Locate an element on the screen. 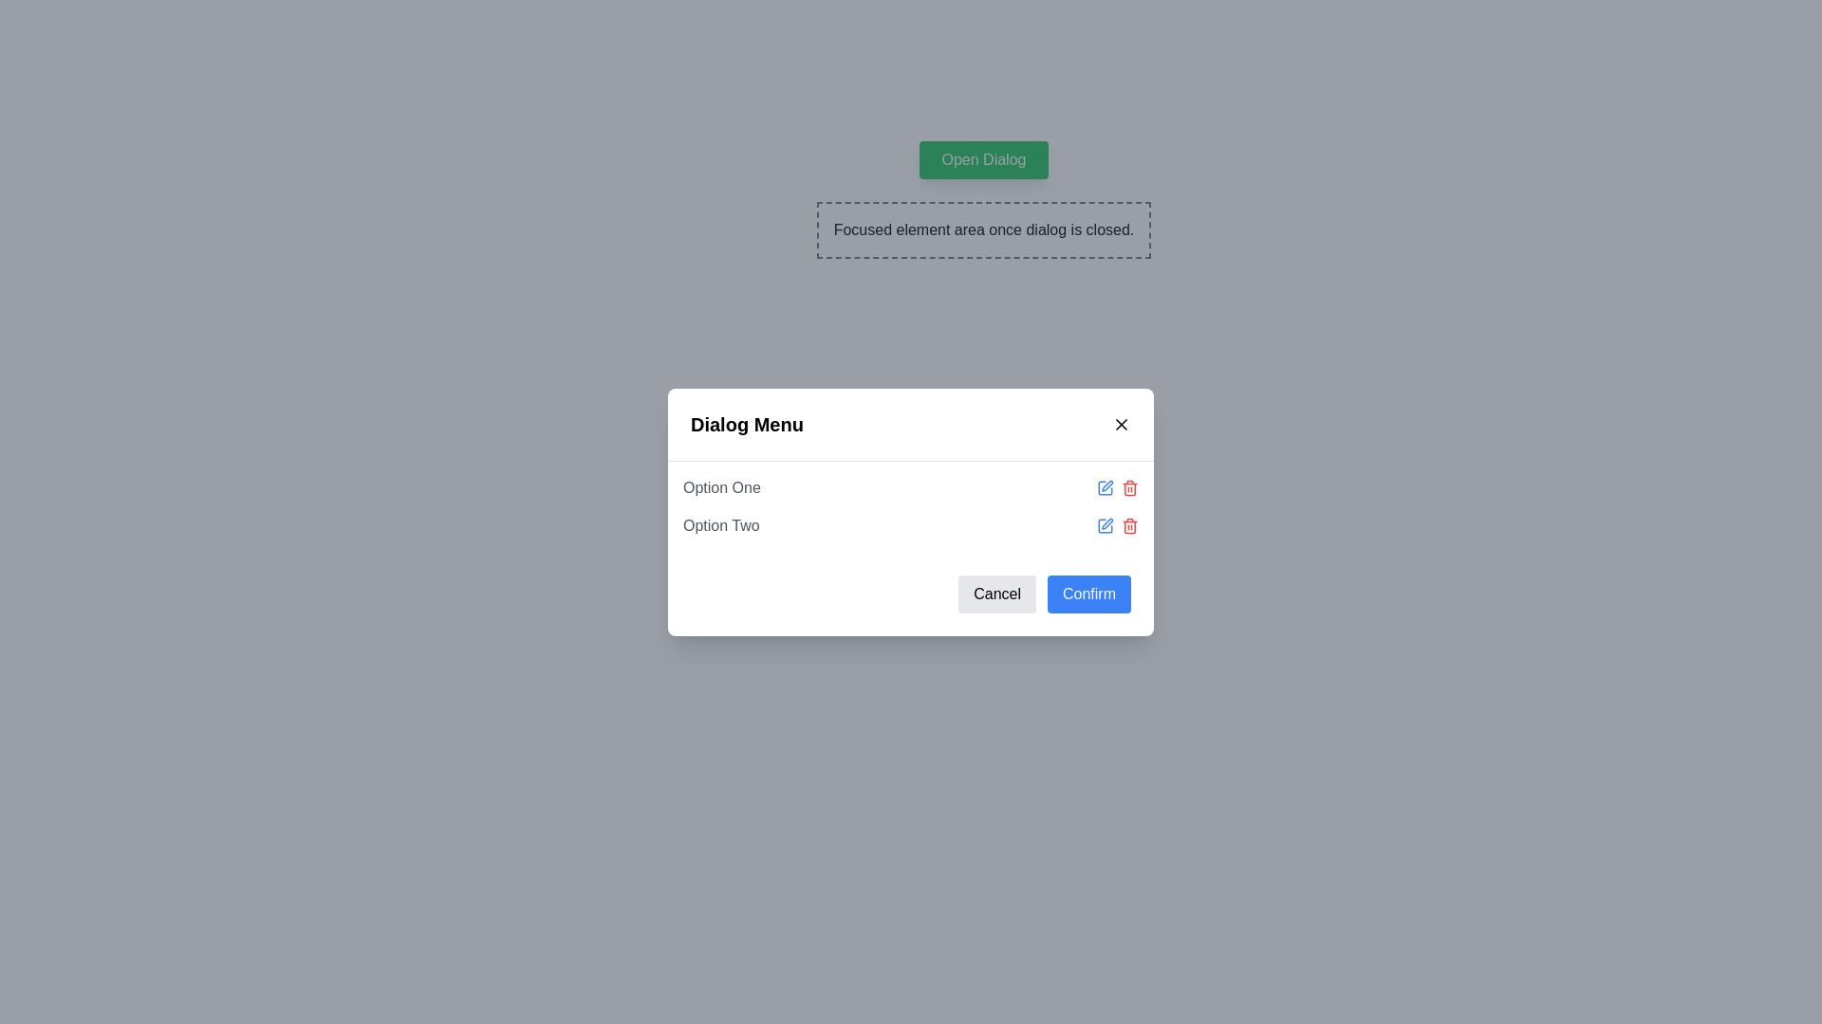  the cancel button located in the bottom-right corner of the dialog box to visualize the hover effect is located at coordinates (996, 593).